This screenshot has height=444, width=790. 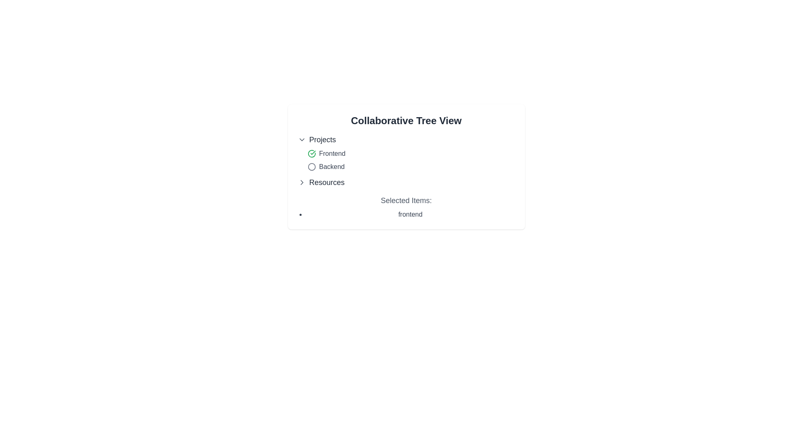 What do you see at coordinates (311, 166) in the screenshot?
I see `the circular icon with a gray stroke located to the left of the text 'Backend'` at bounding box center [311, 166].